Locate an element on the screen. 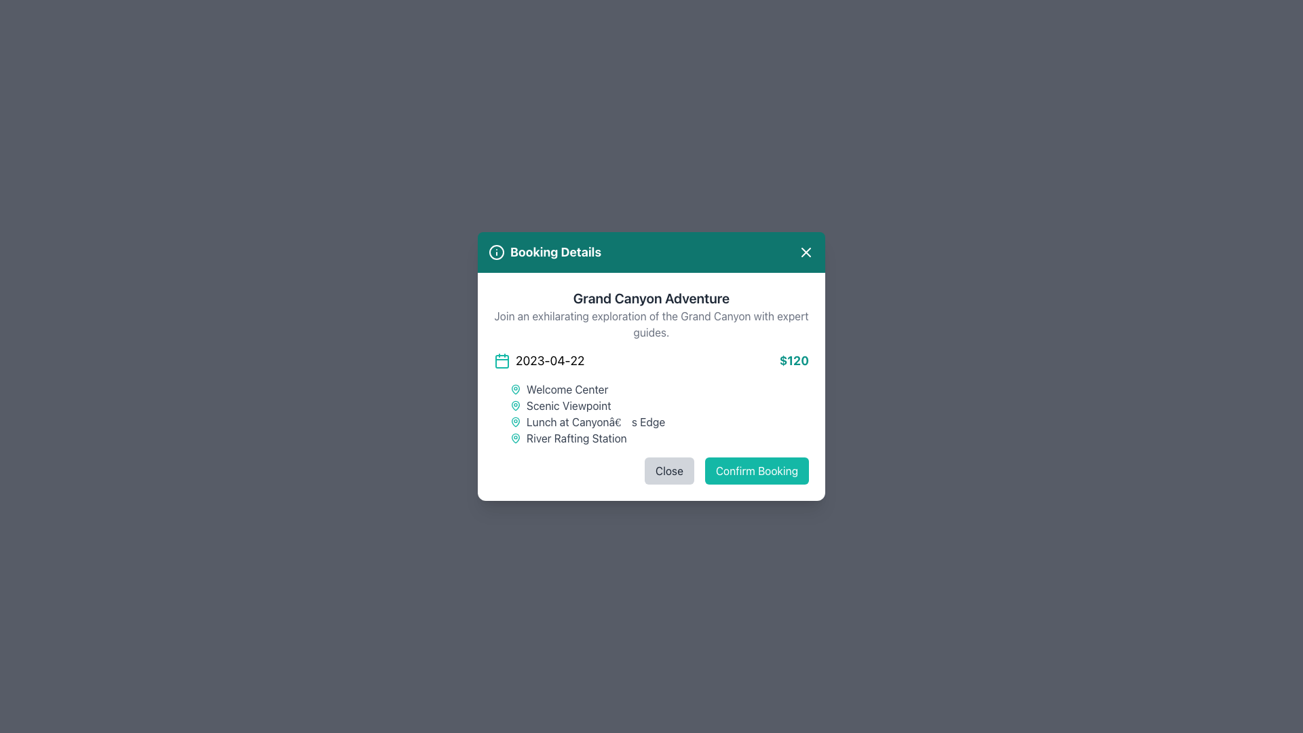 The height and width of the screenshot is (733, 1303). the teal pin icon resembling an upside-down teardrop next to the text 'Scenic Viewpoint' is located at coordinates (514, 389).